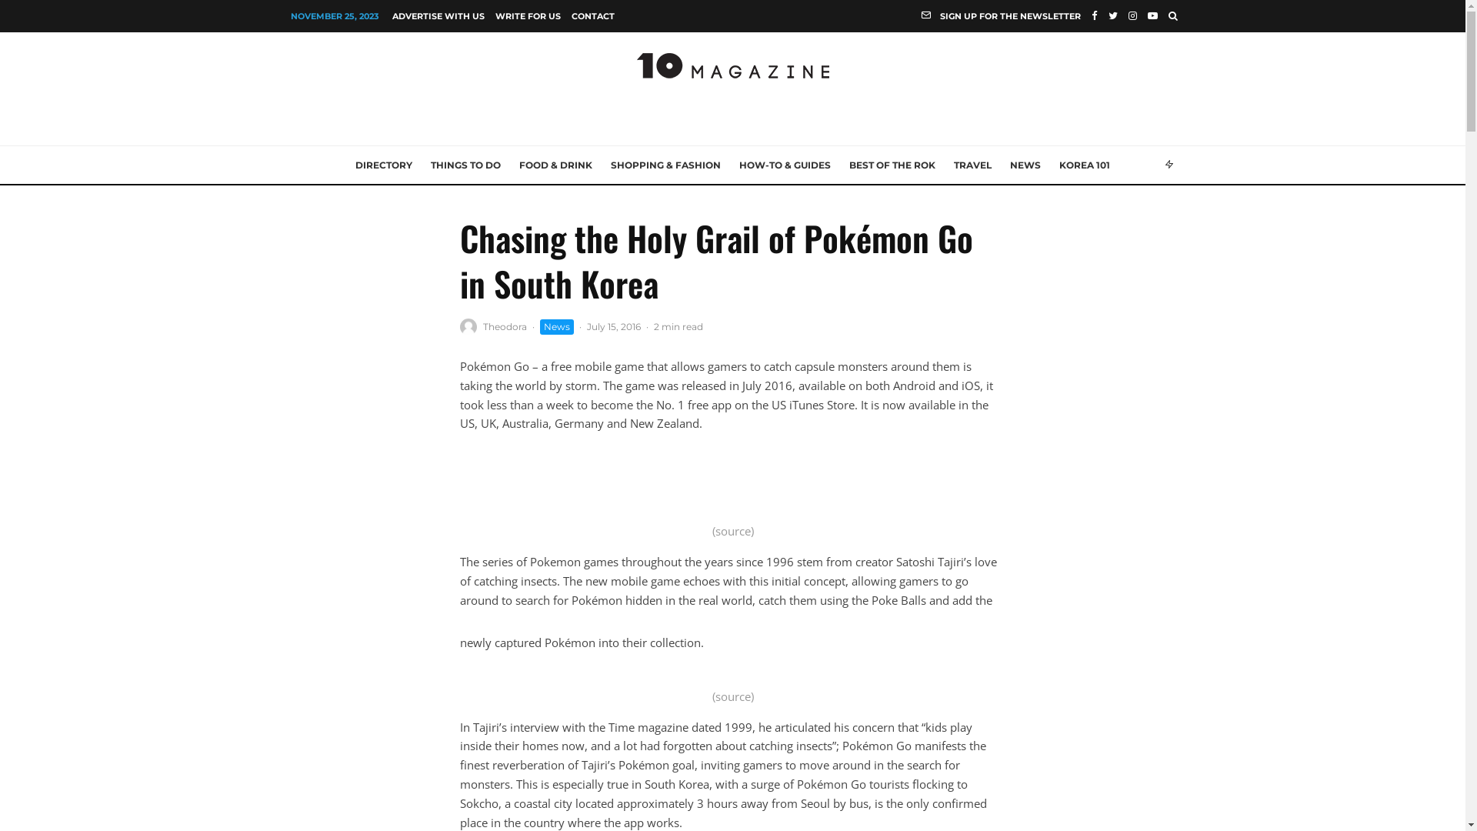  Describe the element at coordinates (1049, 165) in the screenshot. I see `'KOREA 101'` at that location.